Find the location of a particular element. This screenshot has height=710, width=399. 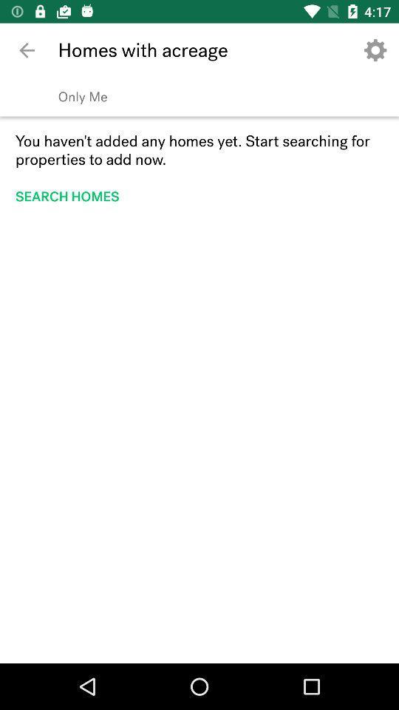

the item above the only me is located at coordinates (375, 50).